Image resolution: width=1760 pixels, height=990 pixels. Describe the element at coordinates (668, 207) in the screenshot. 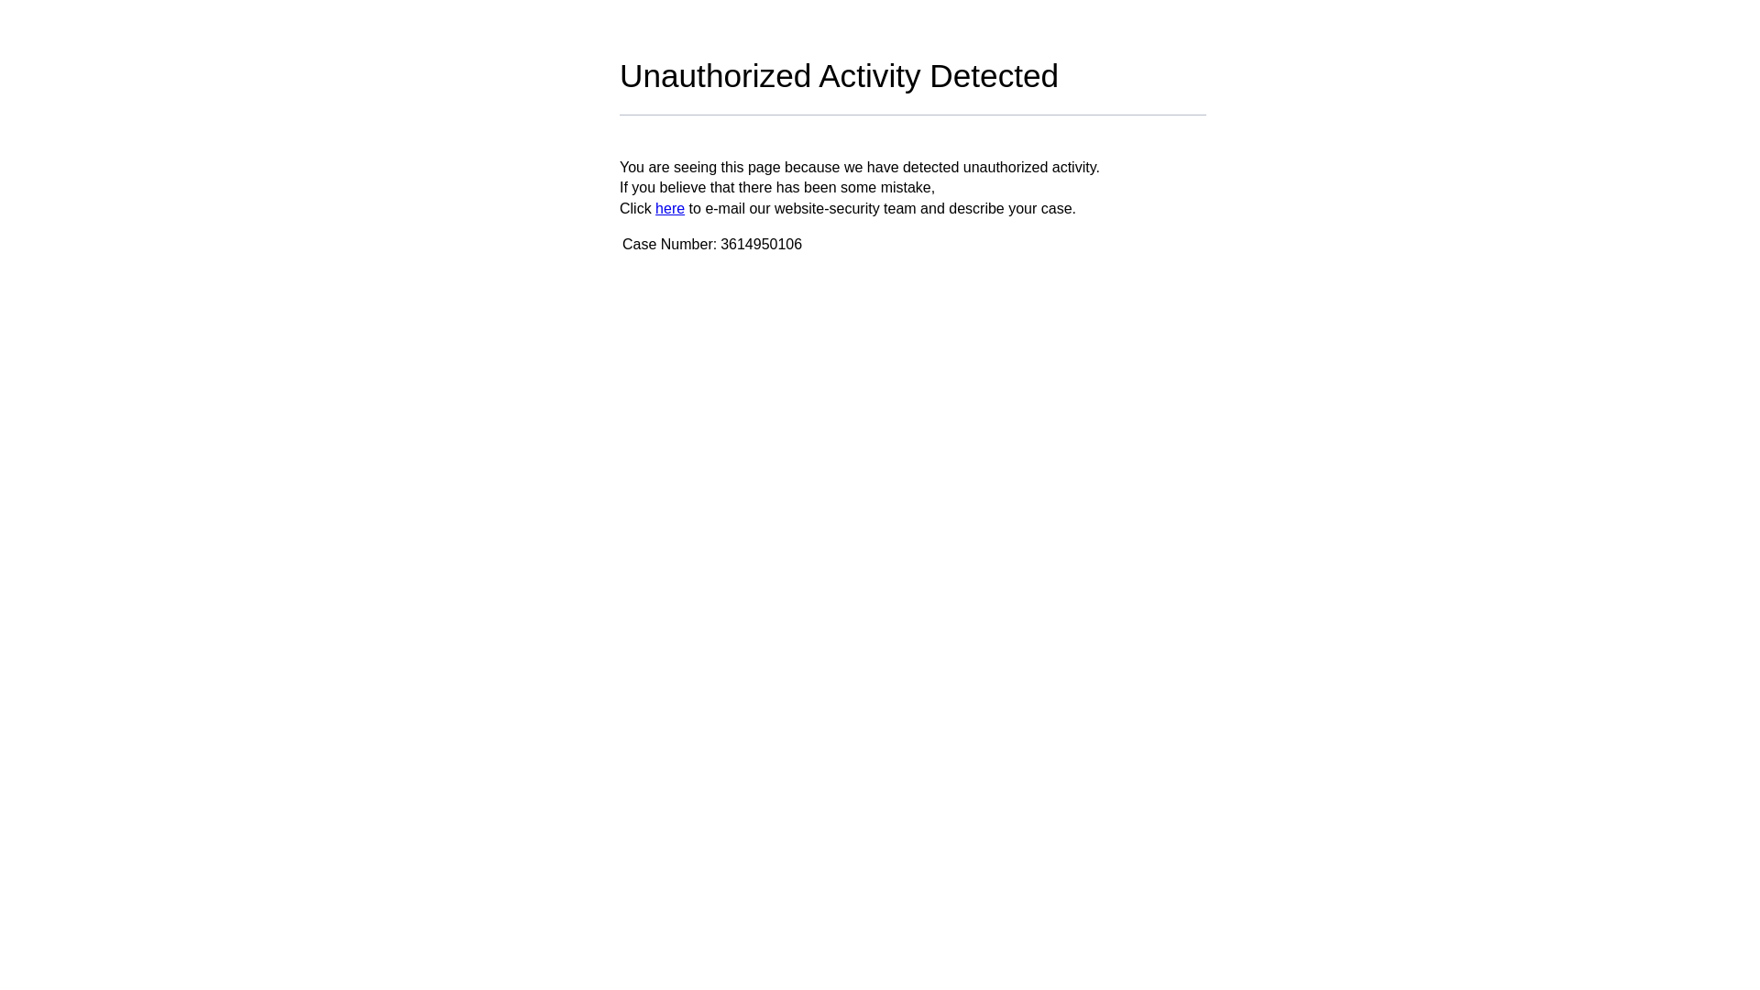

I see `'here'` at that location.